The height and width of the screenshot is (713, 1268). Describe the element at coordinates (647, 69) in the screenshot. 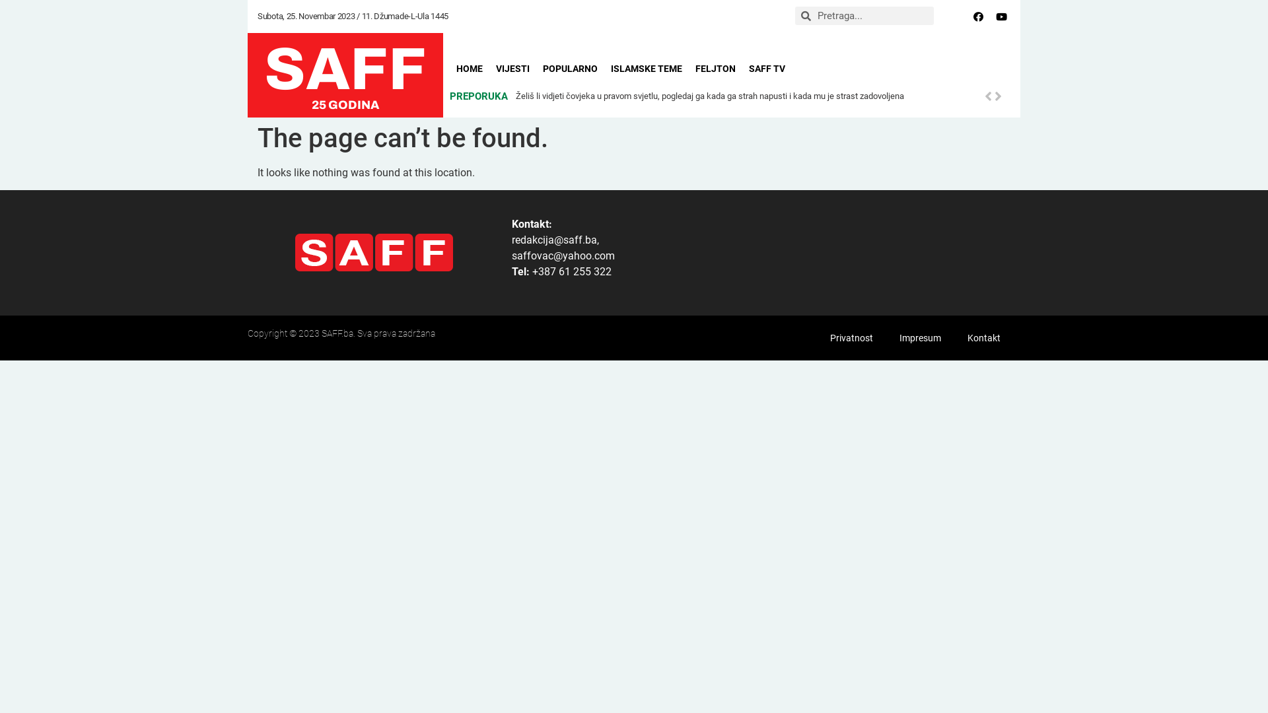

I see `'ISLAMSKE TEME'` at that location.